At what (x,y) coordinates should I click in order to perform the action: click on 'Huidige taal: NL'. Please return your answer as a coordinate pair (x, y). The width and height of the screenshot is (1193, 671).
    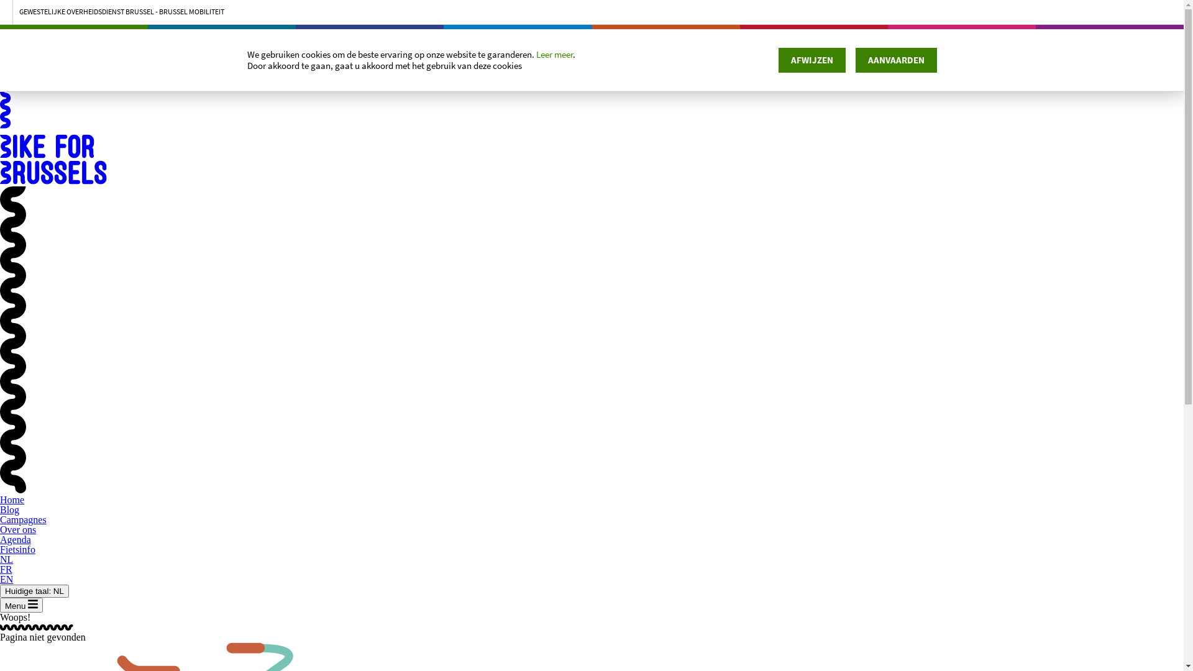
    Looking at the image, I should click on (34, 590).